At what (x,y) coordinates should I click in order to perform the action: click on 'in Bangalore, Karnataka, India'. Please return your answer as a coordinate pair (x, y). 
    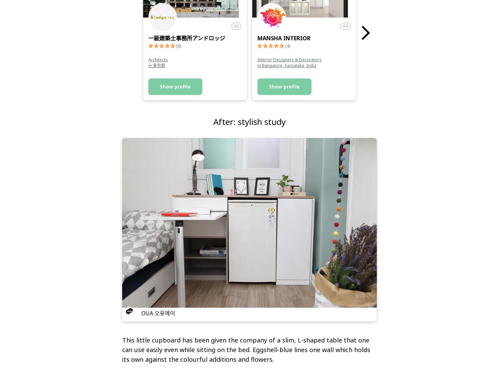
    Looking at the image, I should click on (257, 65).